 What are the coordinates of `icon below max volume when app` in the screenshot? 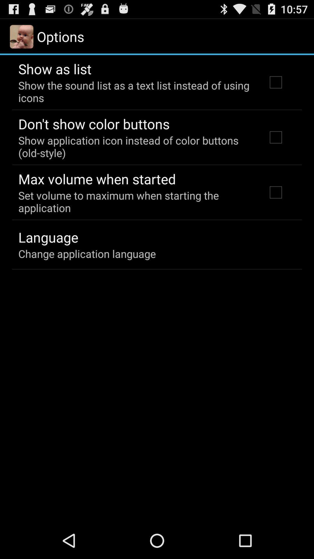 It's located at (135, 201).